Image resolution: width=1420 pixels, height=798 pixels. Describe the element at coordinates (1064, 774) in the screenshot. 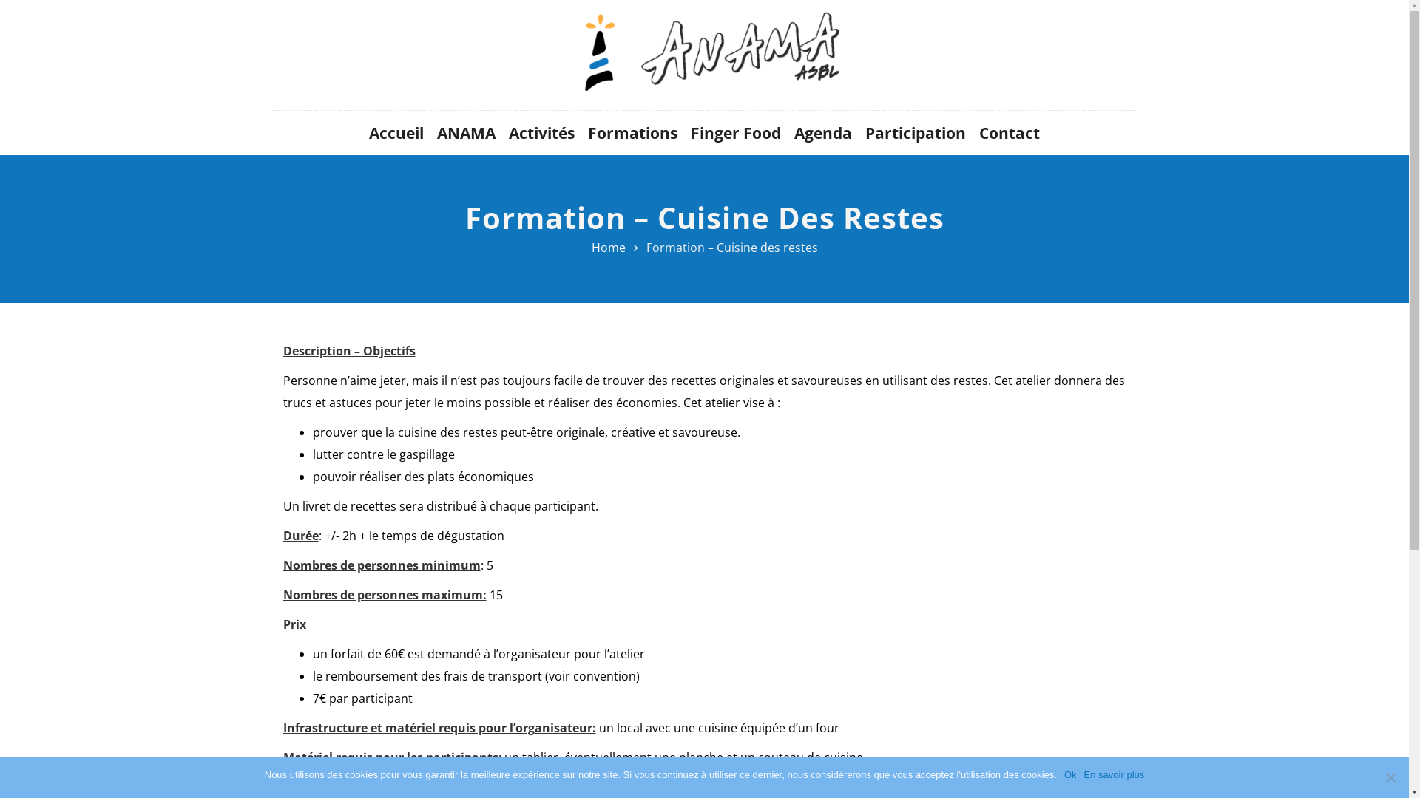

I see `'Ok'` at that location.